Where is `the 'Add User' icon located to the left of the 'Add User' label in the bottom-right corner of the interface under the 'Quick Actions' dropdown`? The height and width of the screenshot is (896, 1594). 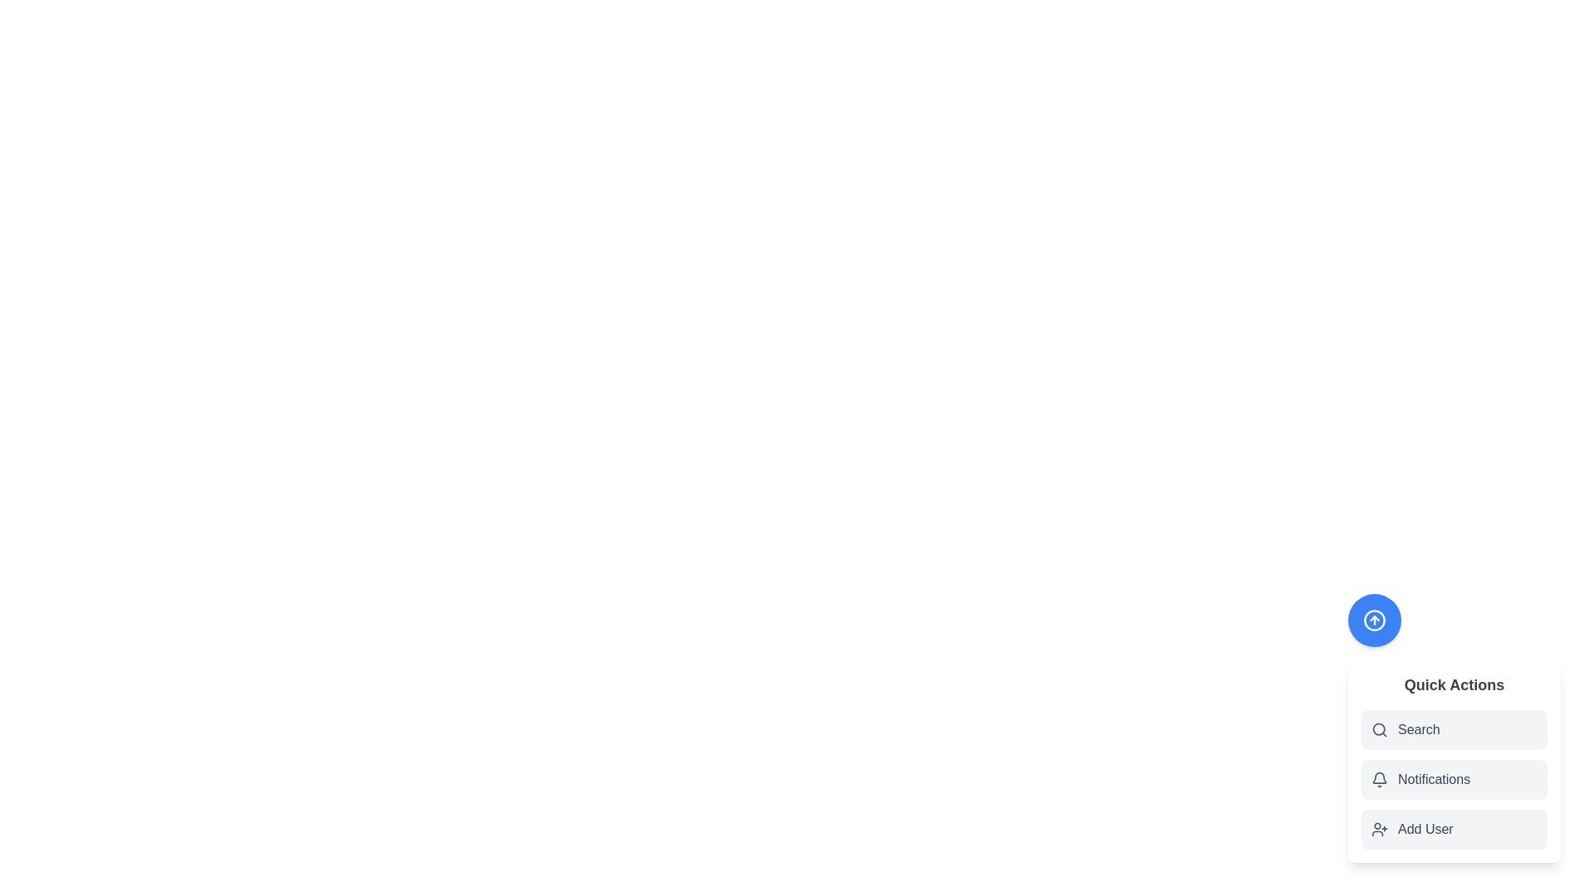 the 'Add User' icon located to the left of the 'Add User' label in the bottom-right corner of the interface under the 'Quick Actions' dropdown is located at coordinates (1379, 829).